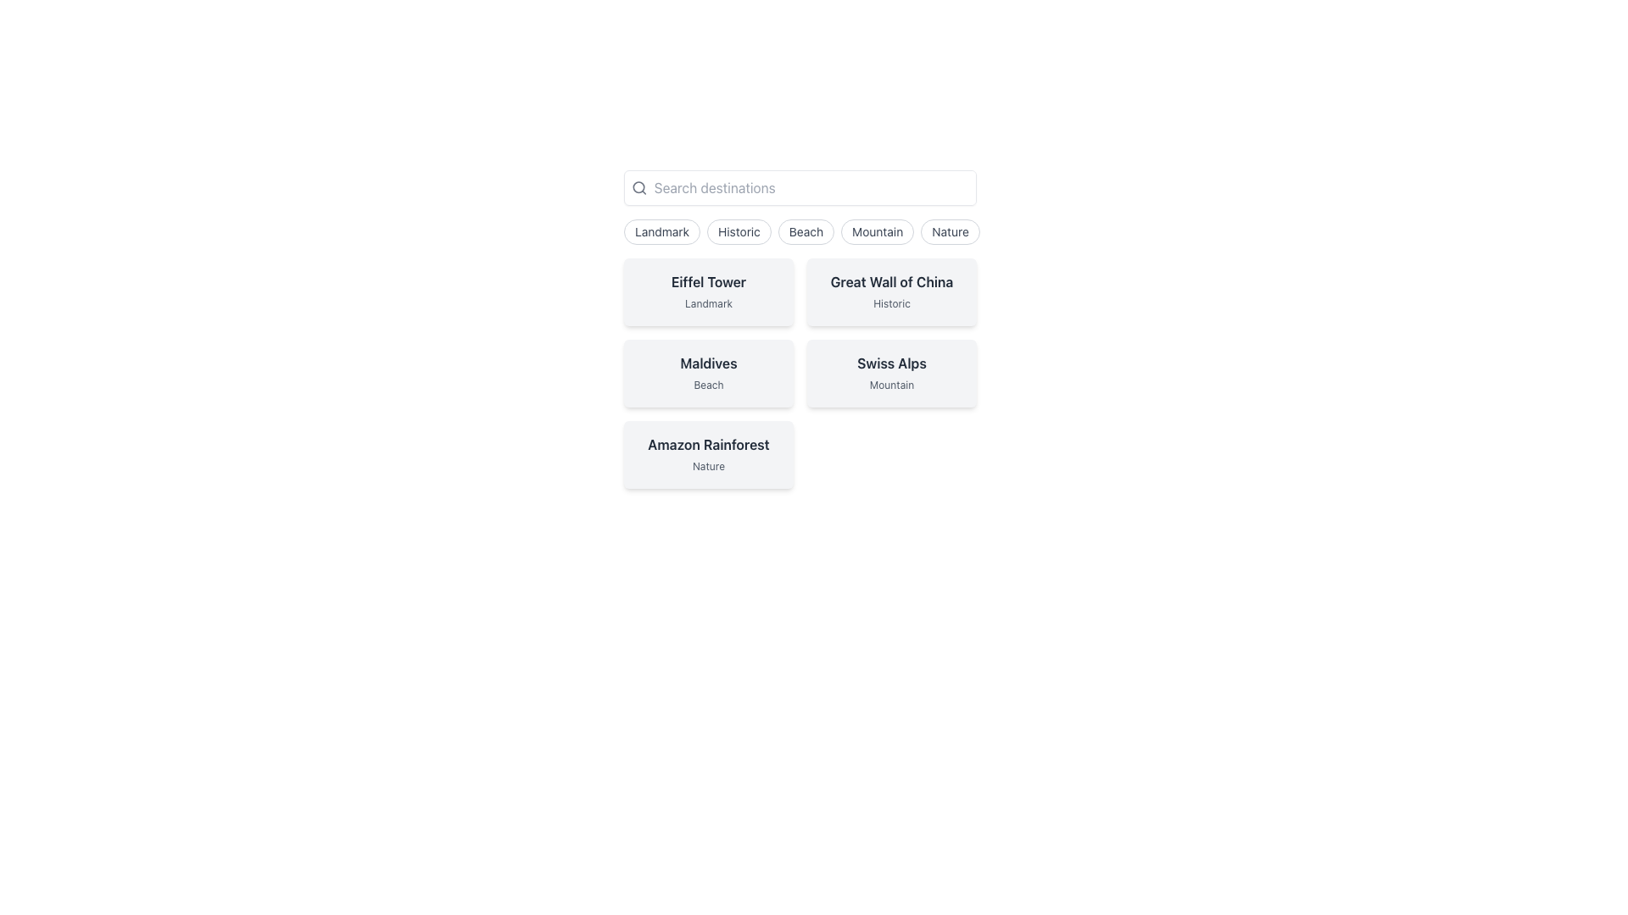 Image resolution: width=1628 pixels, height=915 pixels. What do you see at coordinates (708, 466) in the screenshot?
I see `text label that categorizes the destination as 'Amazon Rainforest', located within a light gray card below the main title and aligned to the right` at bounding box center [708, 466].